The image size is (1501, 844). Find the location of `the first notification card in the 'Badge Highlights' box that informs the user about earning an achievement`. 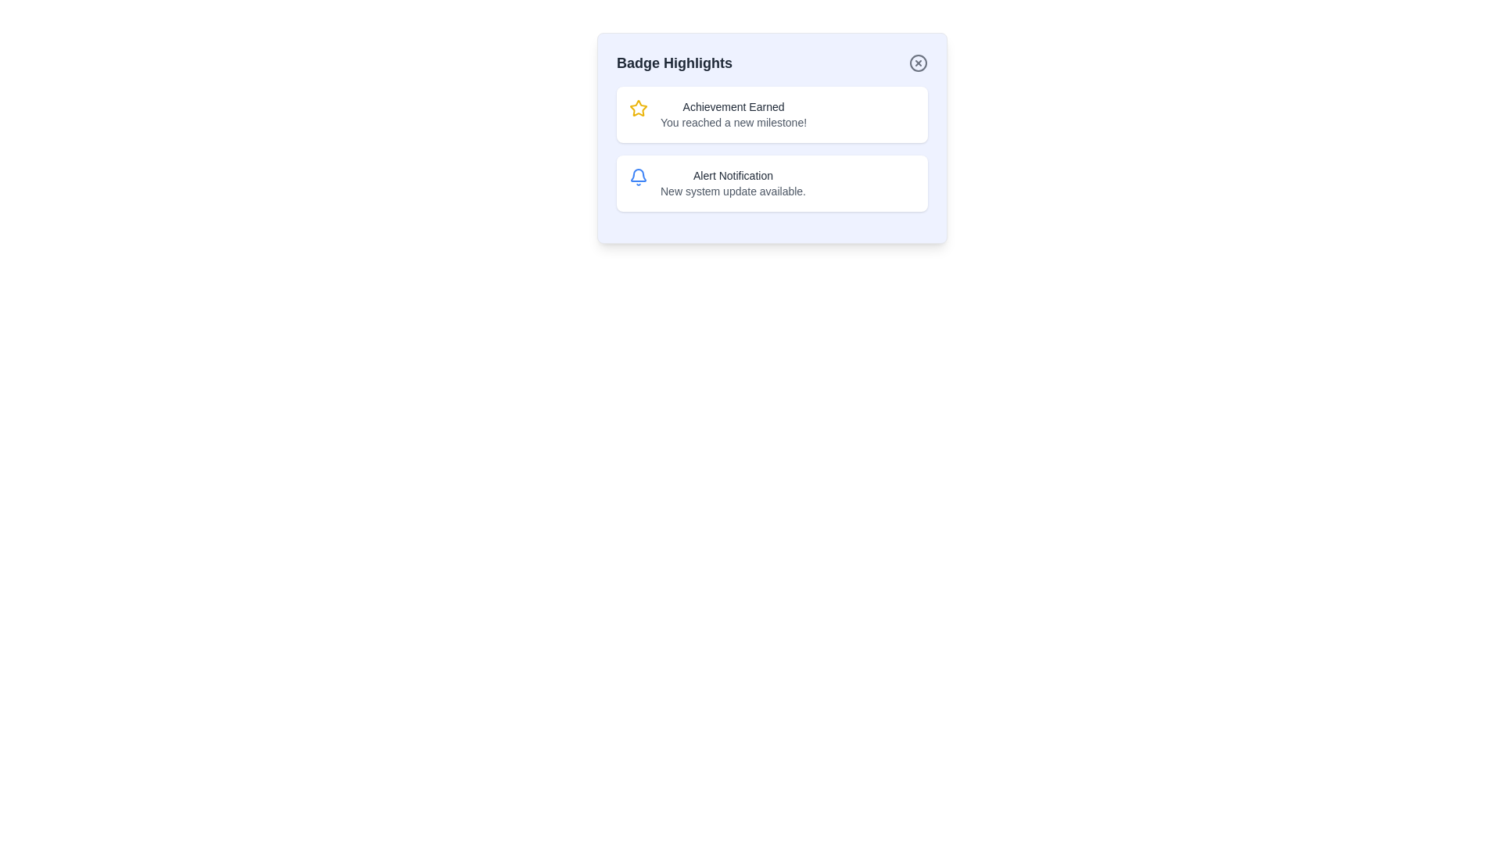

the first notification card in the 'Badge Highlights' box that informs the user about earning an achievement is located at coordinates (772, 113).